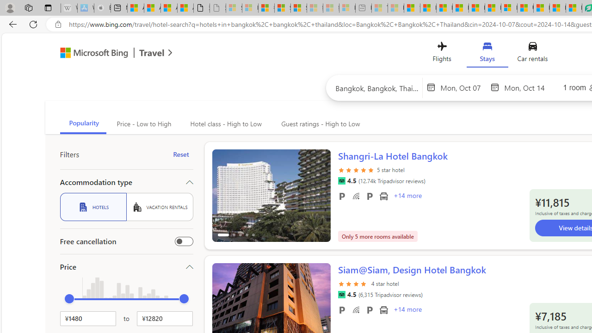  What do you see at coordinates (407, 310) in the screenshot?
I see `'+14 More Amenities'` at bounding box center [407, 310].